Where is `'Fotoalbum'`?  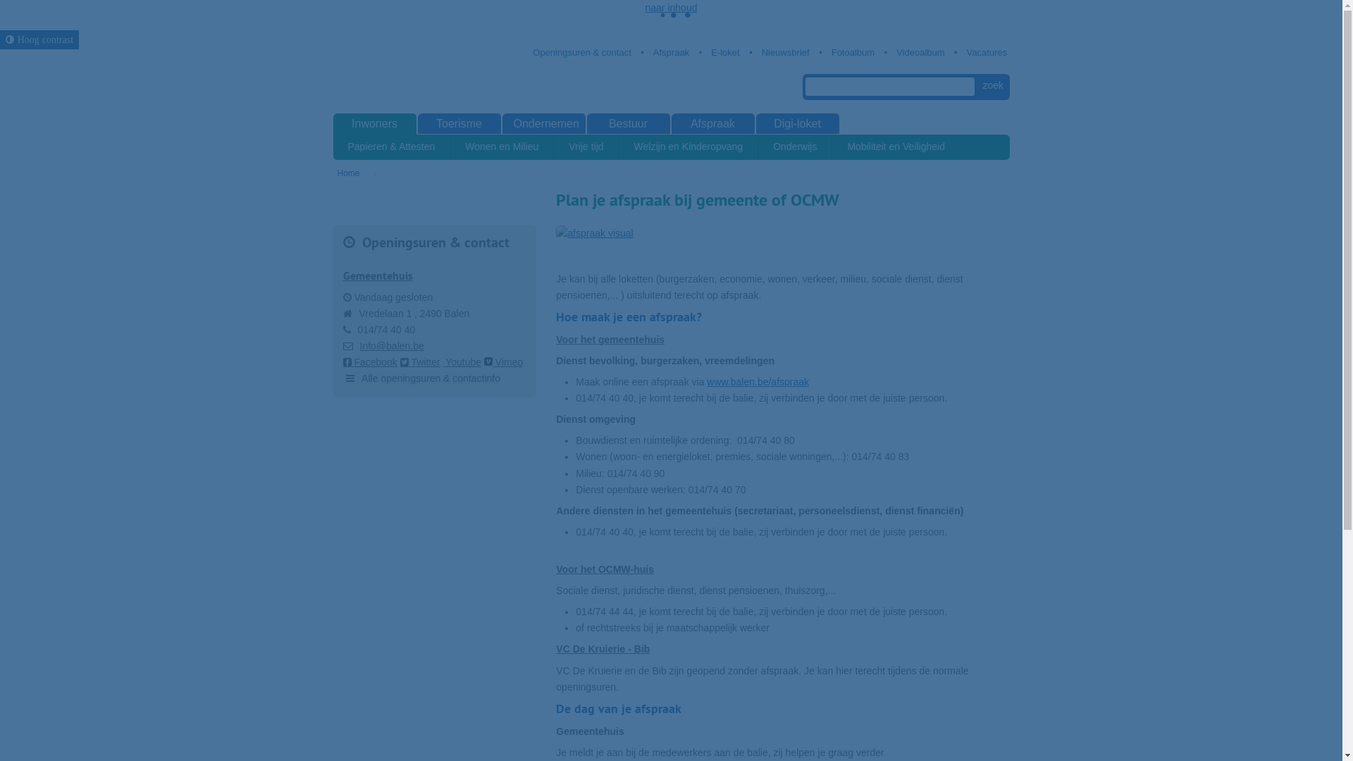 'Fotoalbum' is located at coordinates (846, 51).